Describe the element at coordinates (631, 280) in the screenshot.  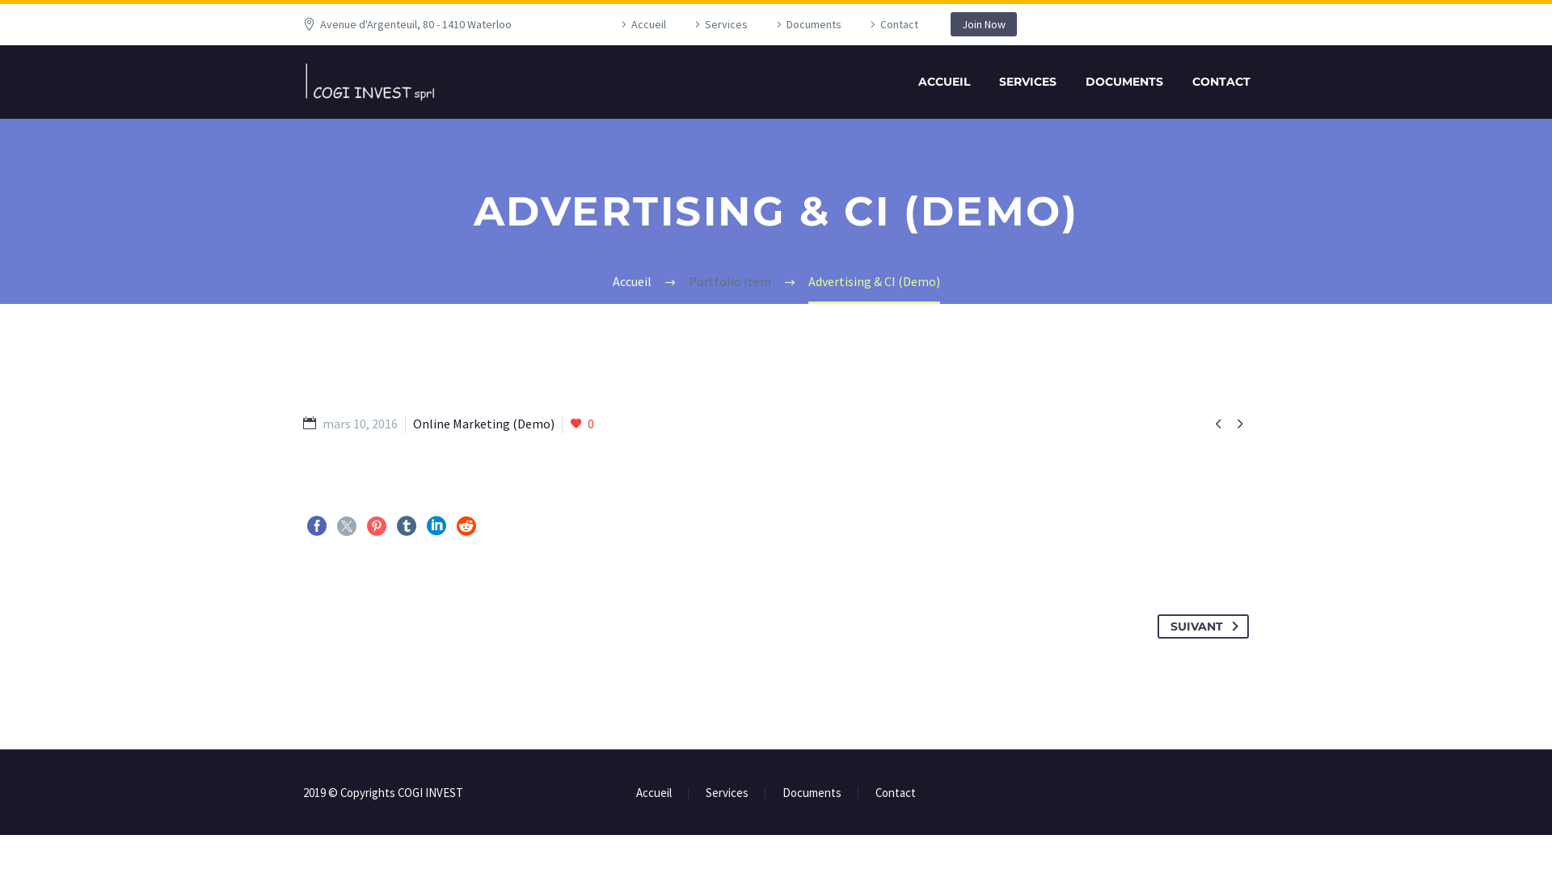
I see `'Accueil'` at that location.